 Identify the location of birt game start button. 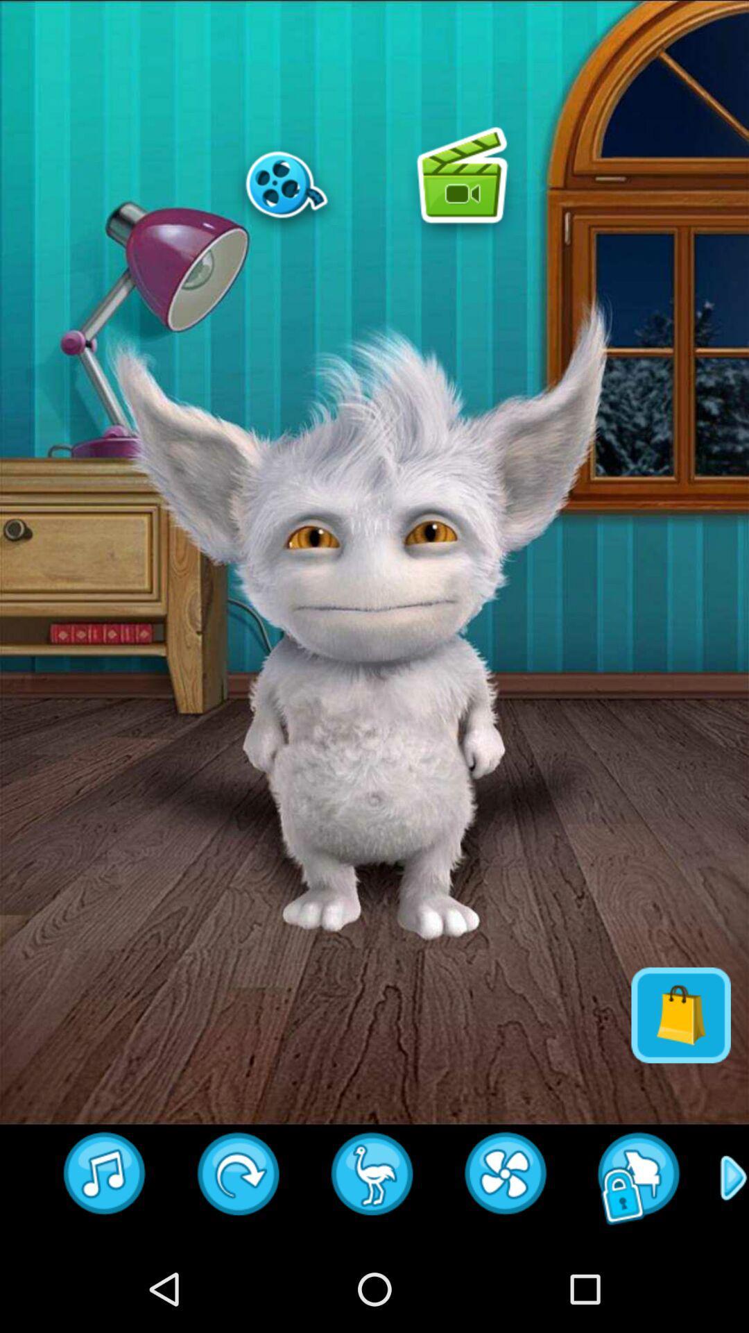
(372, 1177).